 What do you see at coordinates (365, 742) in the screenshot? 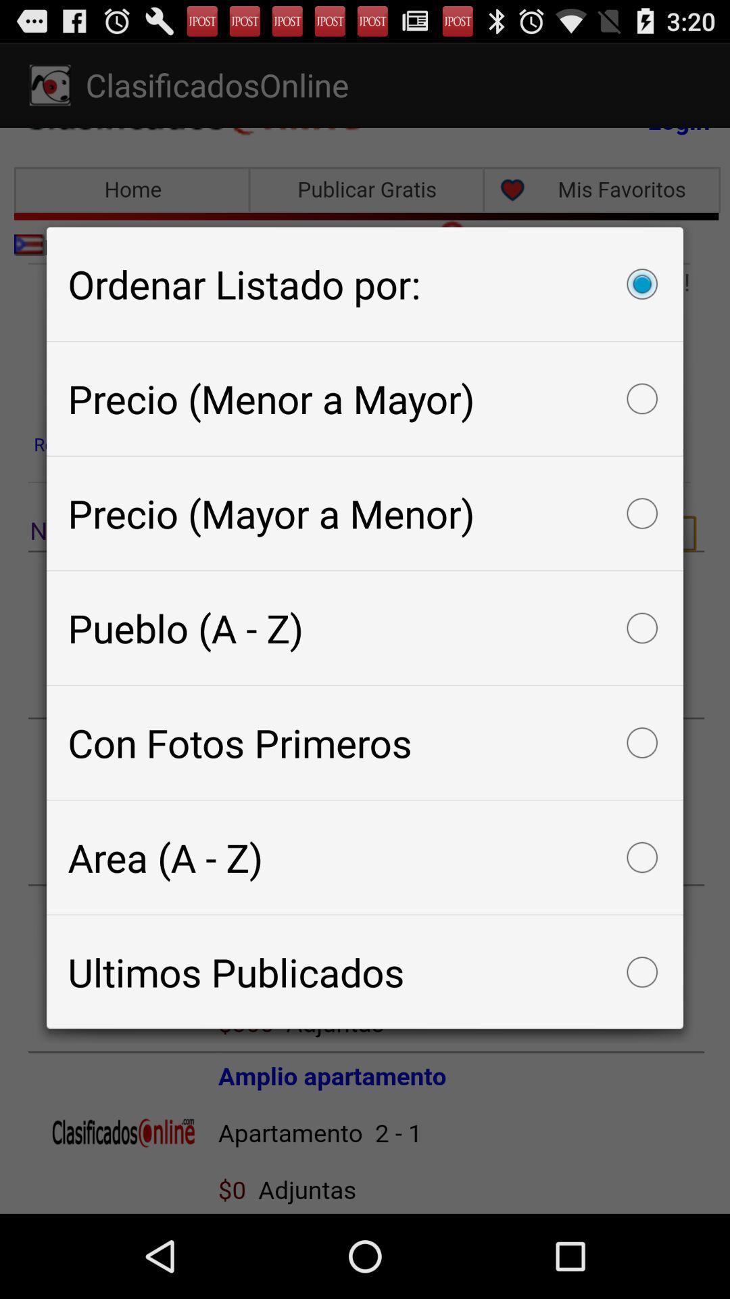
I see `the con fotos primeros item` at bounding box center [365, 742].